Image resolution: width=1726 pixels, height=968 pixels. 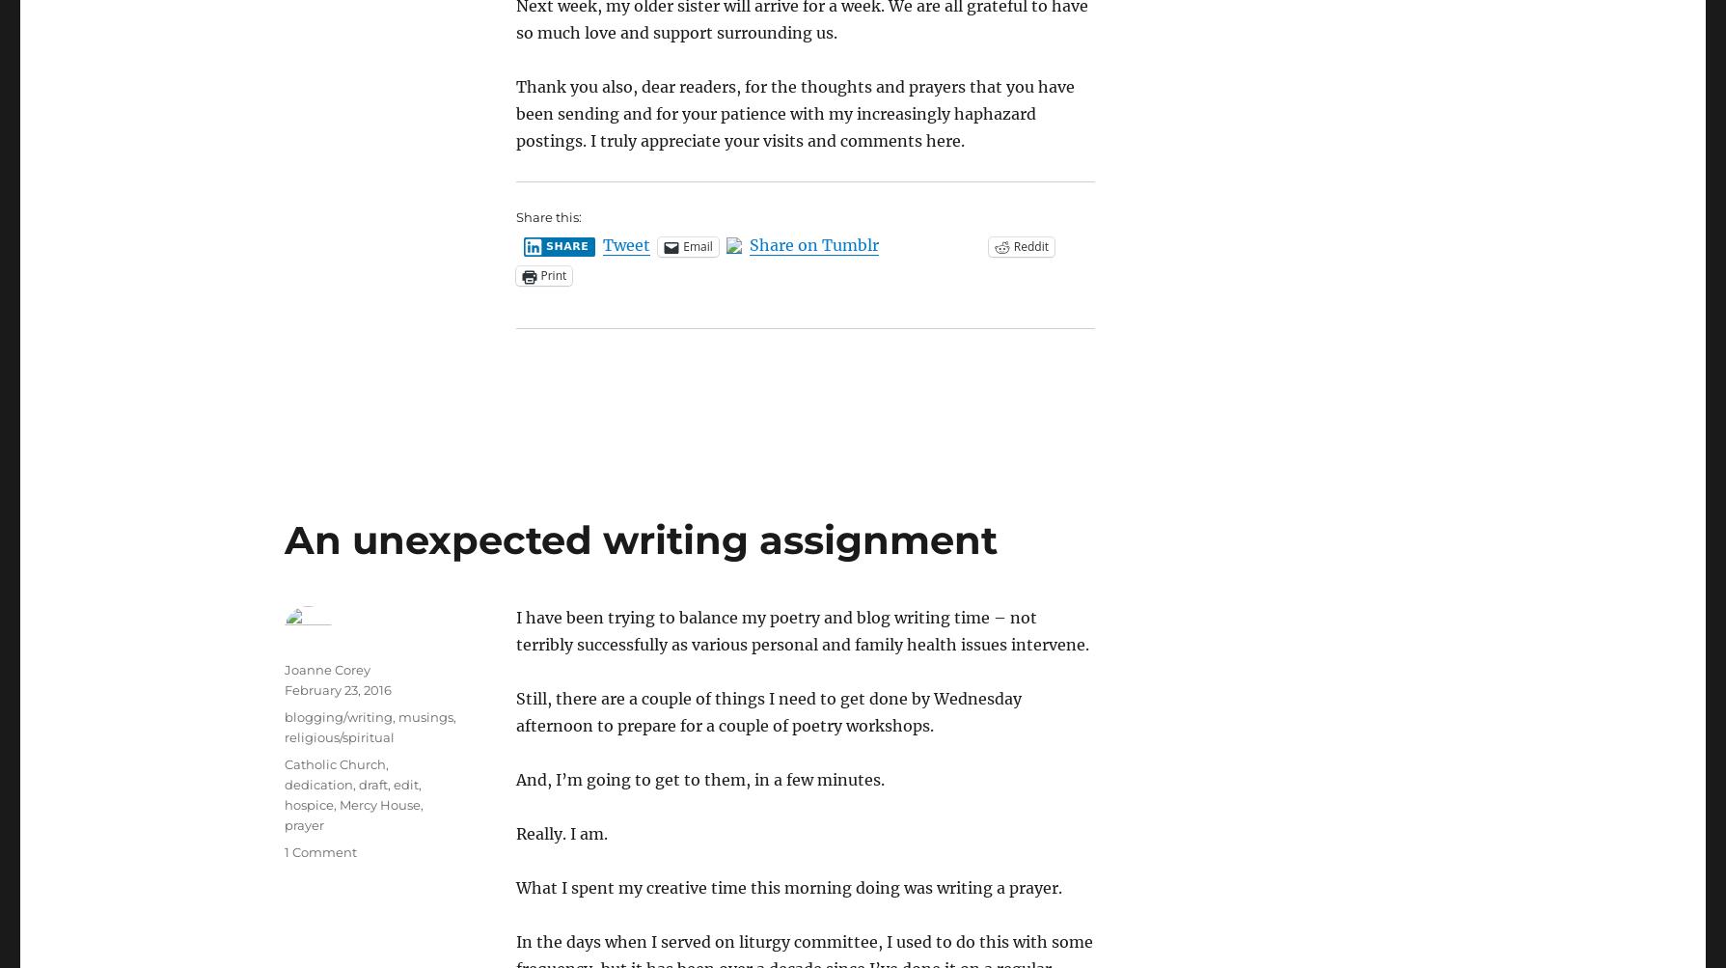 What do you see at coordinates (371, 784) in the screenshot?
I see `'draft'` at bounding box center [371, 784].